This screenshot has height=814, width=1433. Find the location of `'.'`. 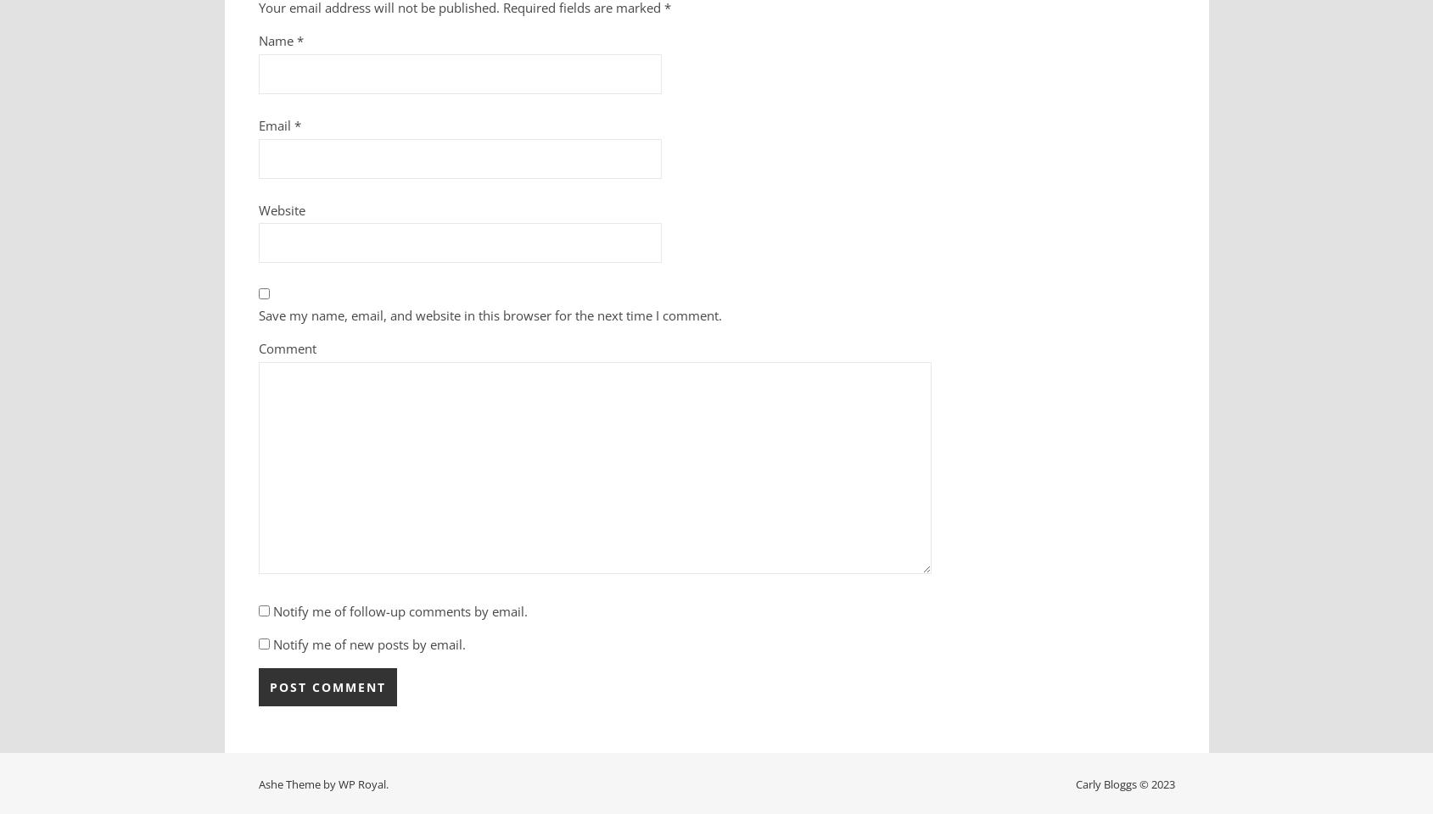

'.' is located at coordinates (385, 783).